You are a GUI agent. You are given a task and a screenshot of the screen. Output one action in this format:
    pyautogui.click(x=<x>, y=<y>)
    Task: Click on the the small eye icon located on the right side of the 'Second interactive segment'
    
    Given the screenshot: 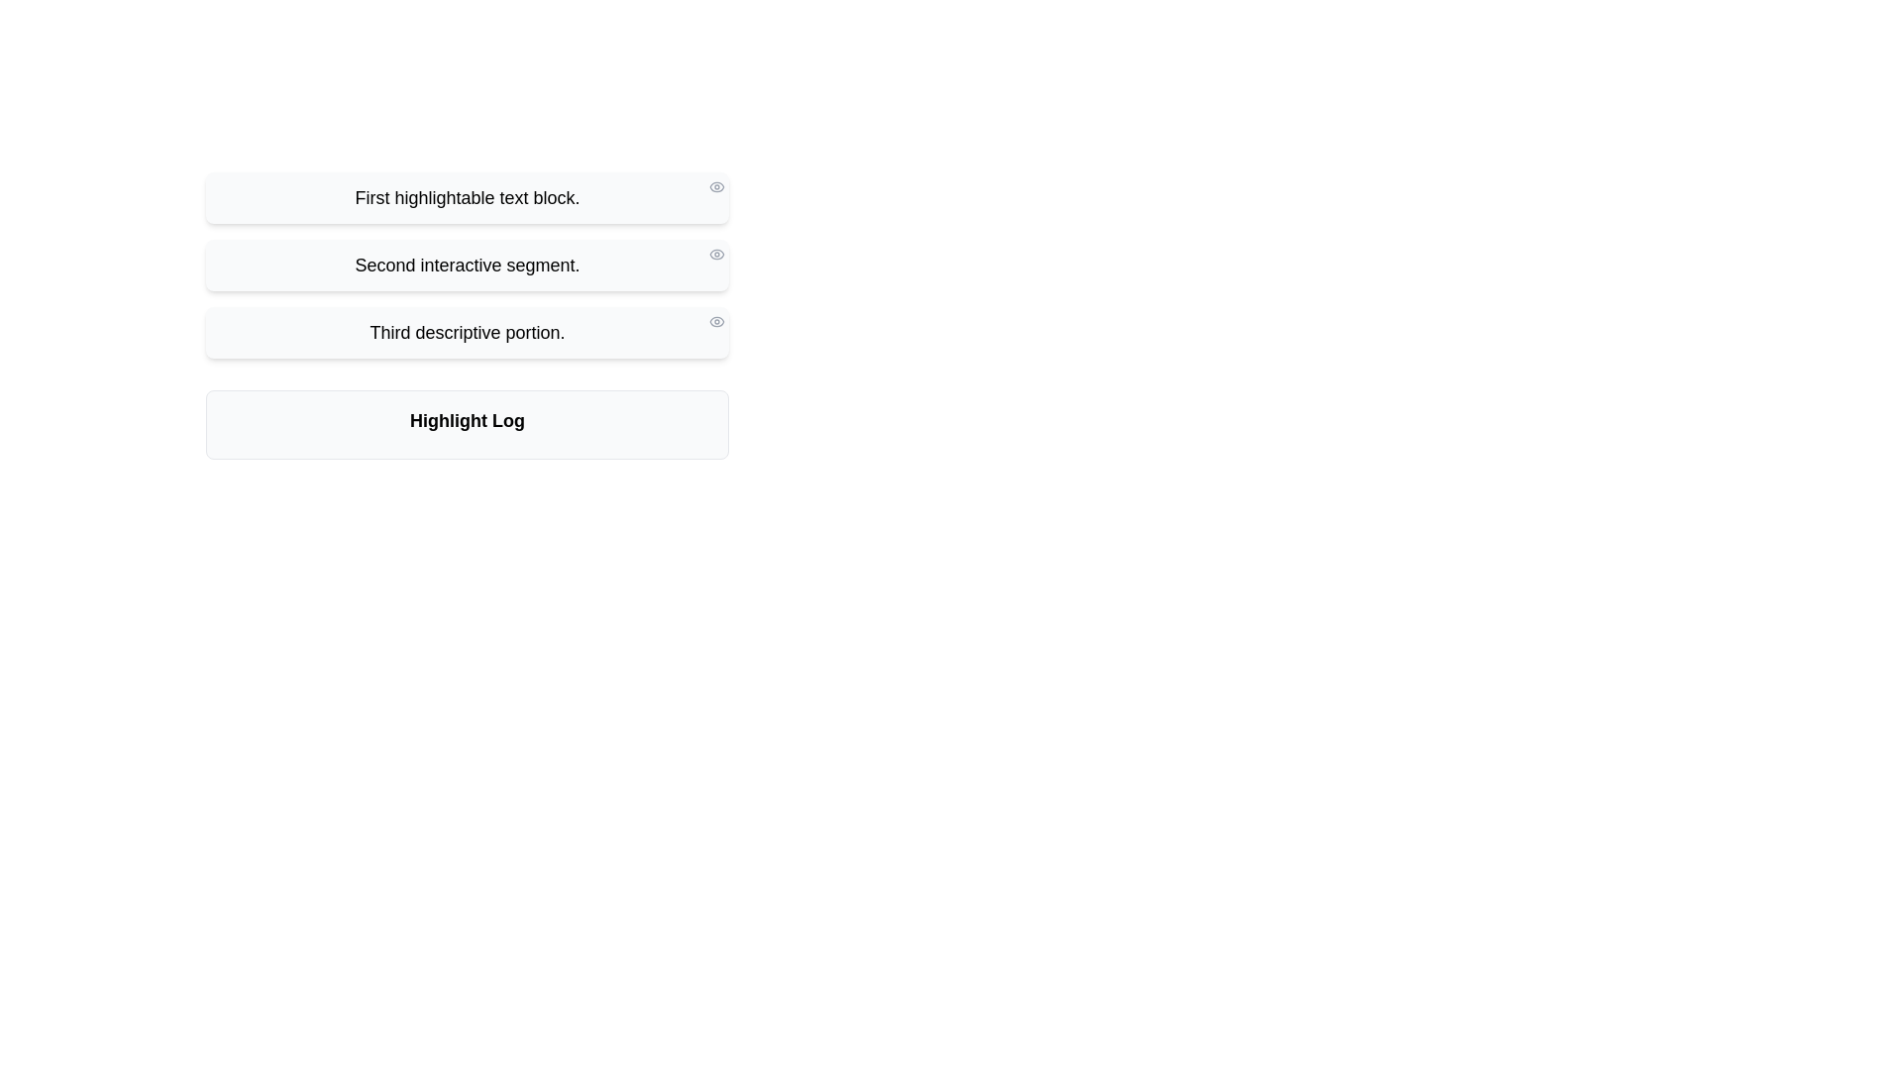 What is the action you would take?
    pyautogui.click(x=716, y=254)
    